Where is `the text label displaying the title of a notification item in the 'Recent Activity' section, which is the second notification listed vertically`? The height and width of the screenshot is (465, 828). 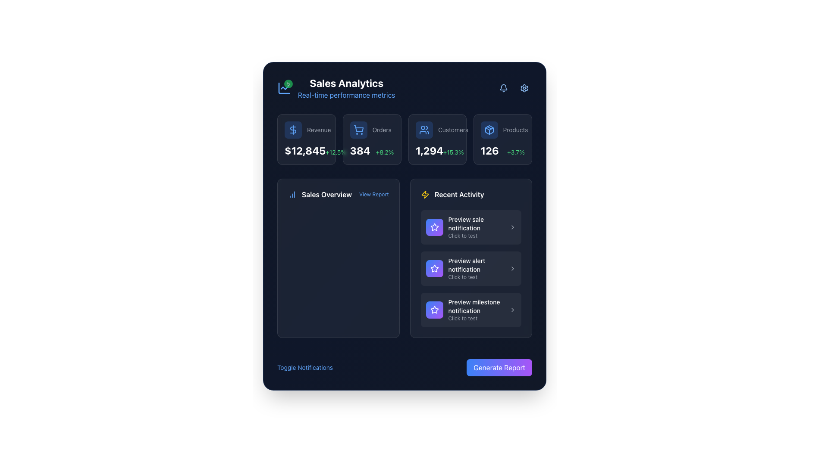 the text label displaying the title of a notification item in the 'Recent Activity' section, which is the second notification listed vertically is located at coordinates (476, 265).